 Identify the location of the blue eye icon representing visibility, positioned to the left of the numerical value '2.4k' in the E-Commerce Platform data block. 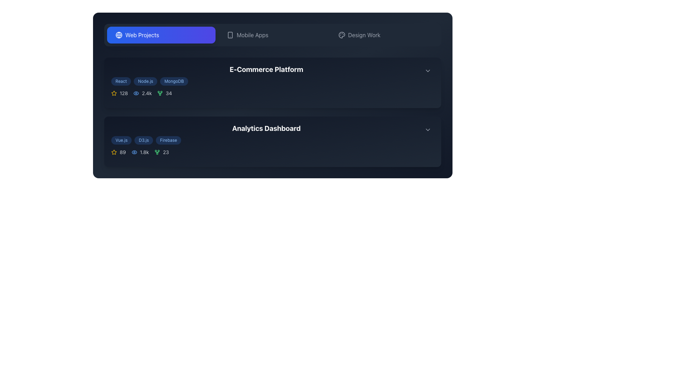
(136, 93).